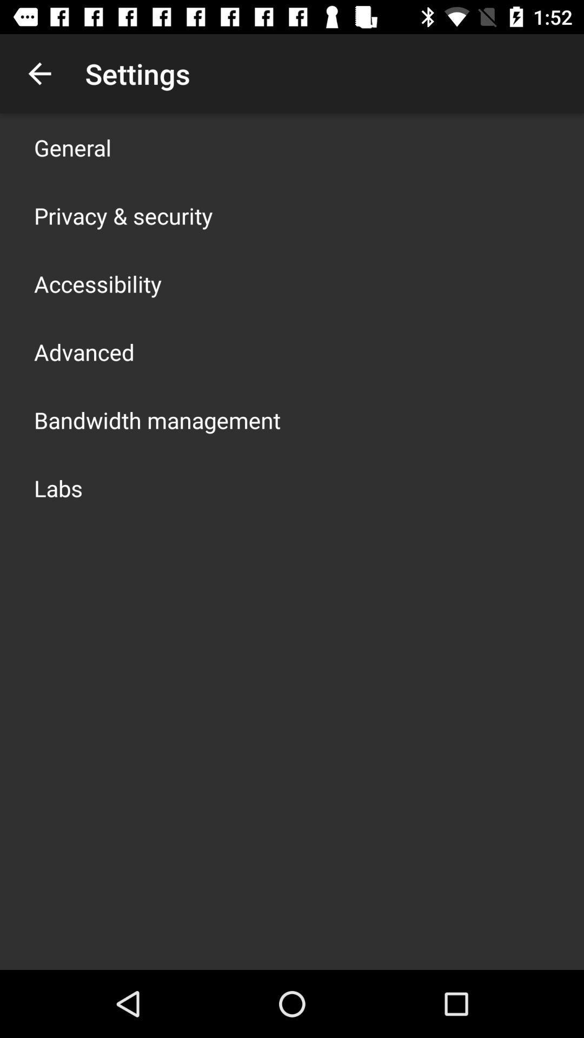  I want to click on the app below privacy & security app, so click(98, 283).